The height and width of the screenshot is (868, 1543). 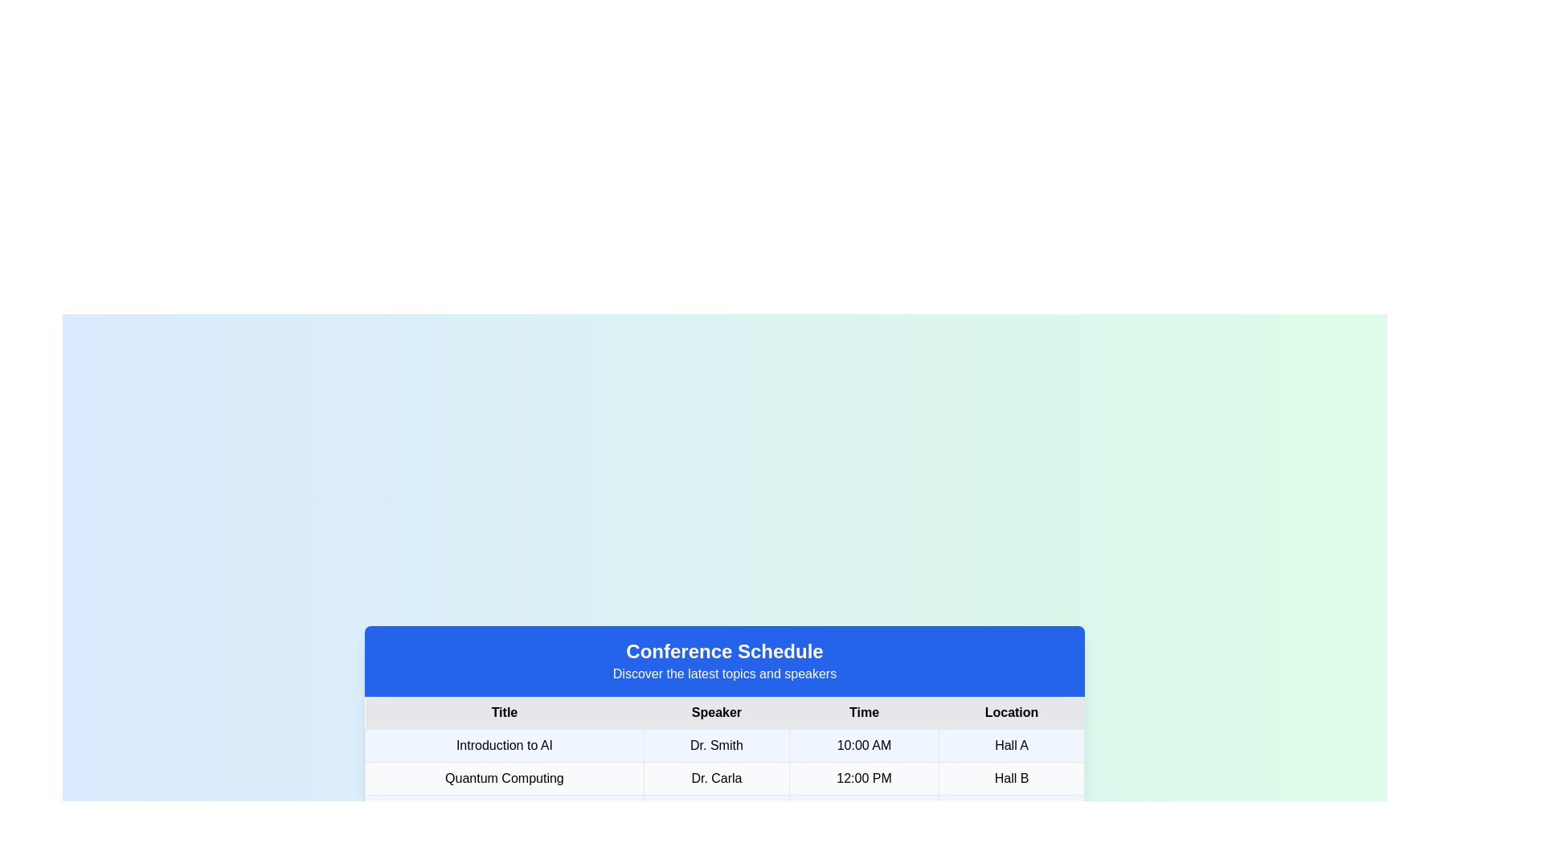 I want to click on the text label displaying '12:00 PM' in the 'Time' column of the 'Quantum Computing' event in the conference schedule table, so click(x=863, y=777).